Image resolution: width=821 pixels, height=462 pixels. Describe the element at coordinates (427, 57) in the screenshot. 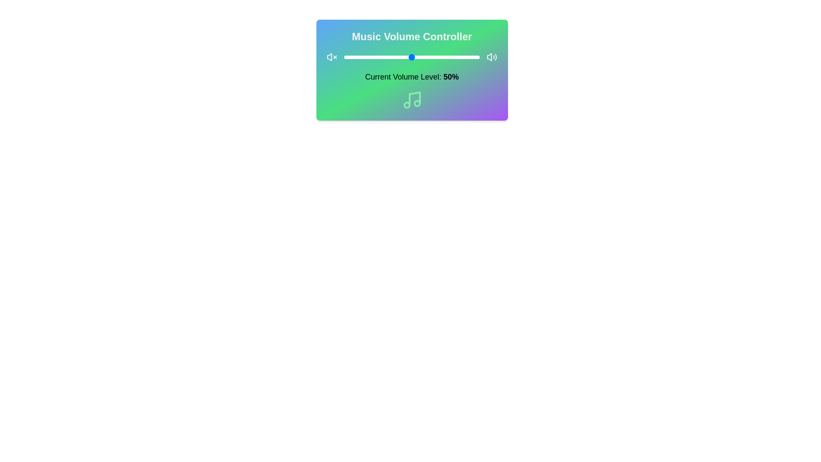

I see `the volume slider to 61%` at that location.